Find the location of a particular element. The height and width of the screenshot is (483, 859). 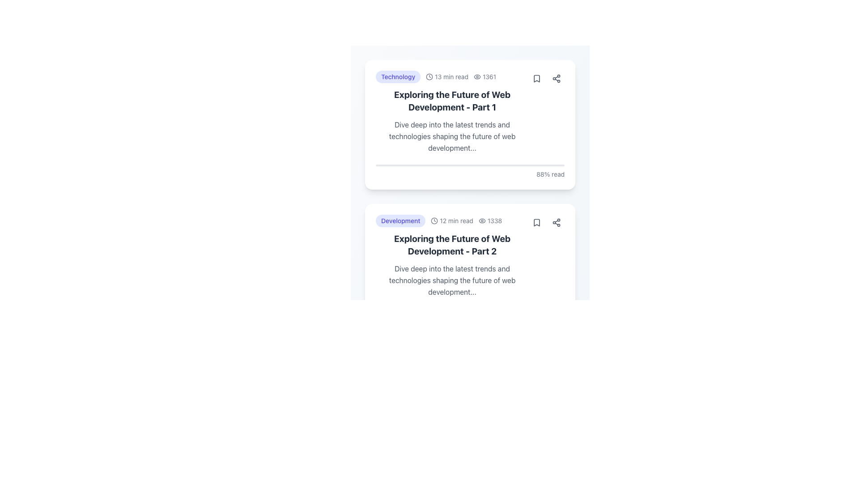

the bookmark icon located at the top-right corner of the second article card titled 'Exploring the Future of Web Development - Part 2' to bookmark the article is located at coordinates (537, 222).